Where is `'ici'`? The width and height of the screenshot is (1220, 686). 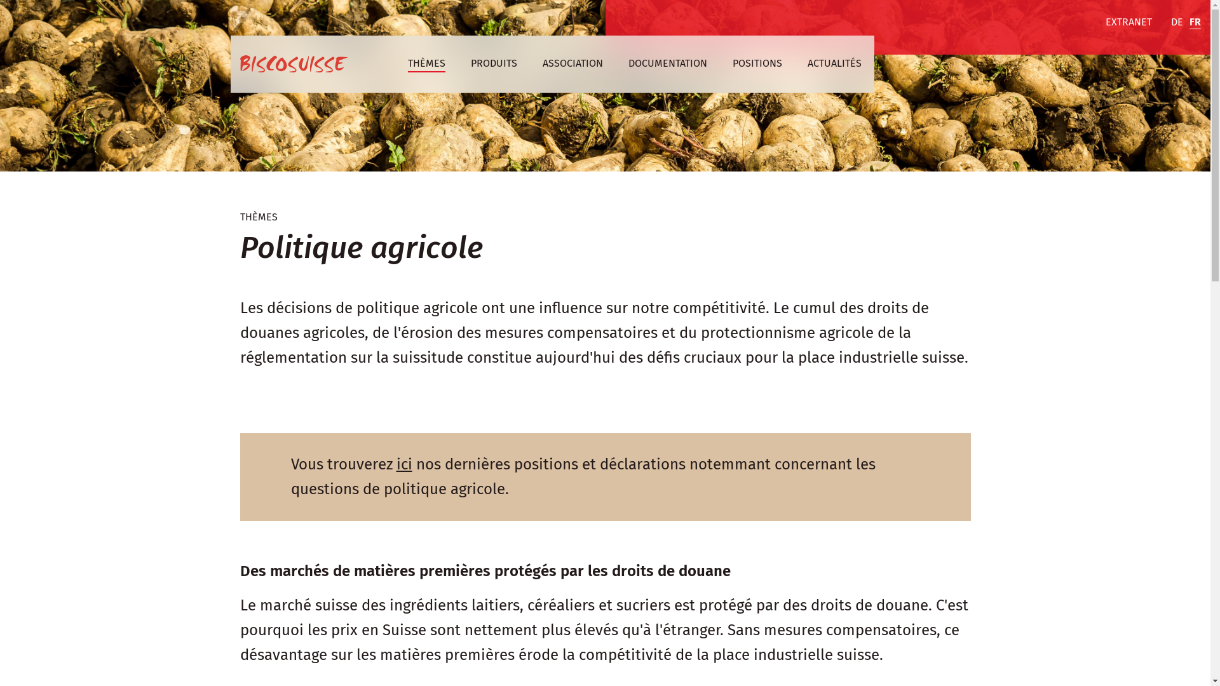 'ici' is located at coordinates (403, 464).